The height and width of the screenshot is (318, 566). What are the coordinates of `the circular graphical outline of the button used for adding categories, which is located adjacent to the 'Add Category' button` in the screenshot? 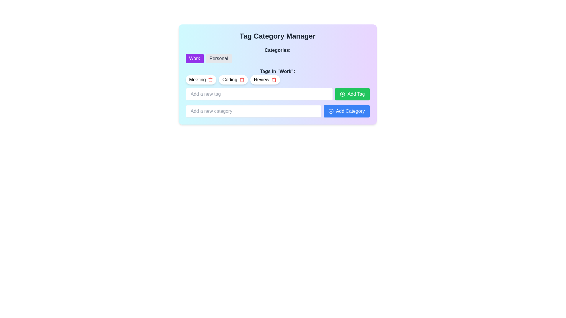 It's located at (331, 111).